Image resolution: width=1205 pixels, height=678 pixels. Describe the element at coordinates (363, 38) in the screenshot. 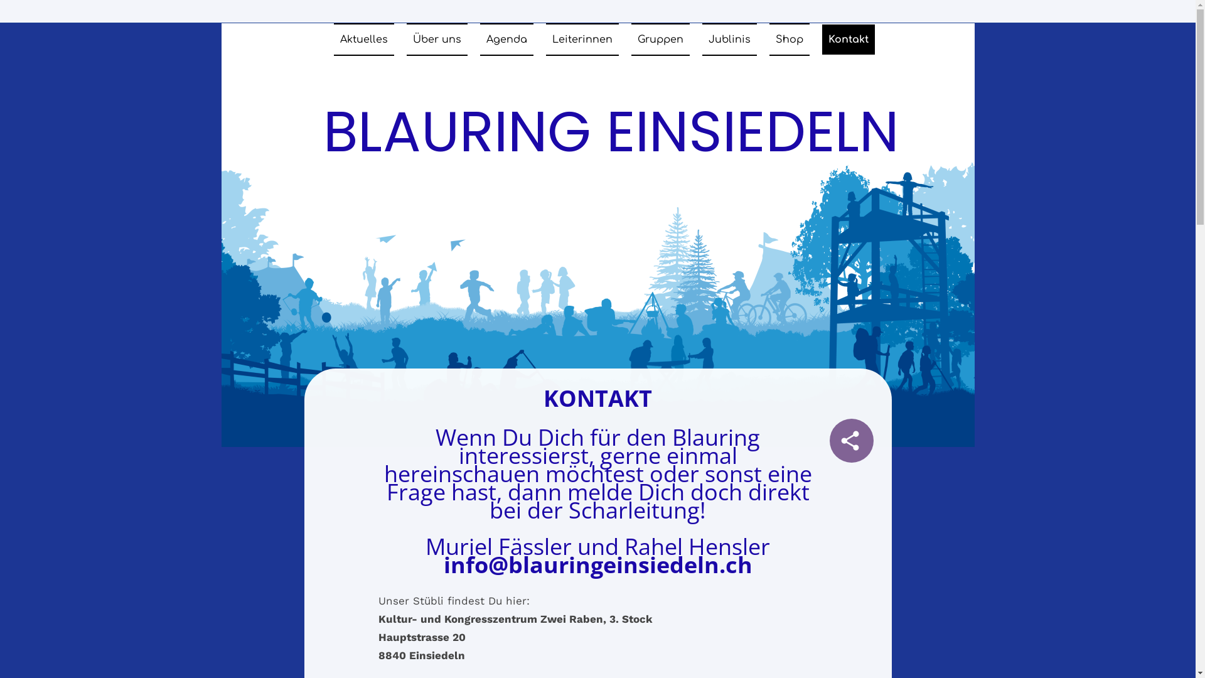

I see `'Aktuelles'` at that location.